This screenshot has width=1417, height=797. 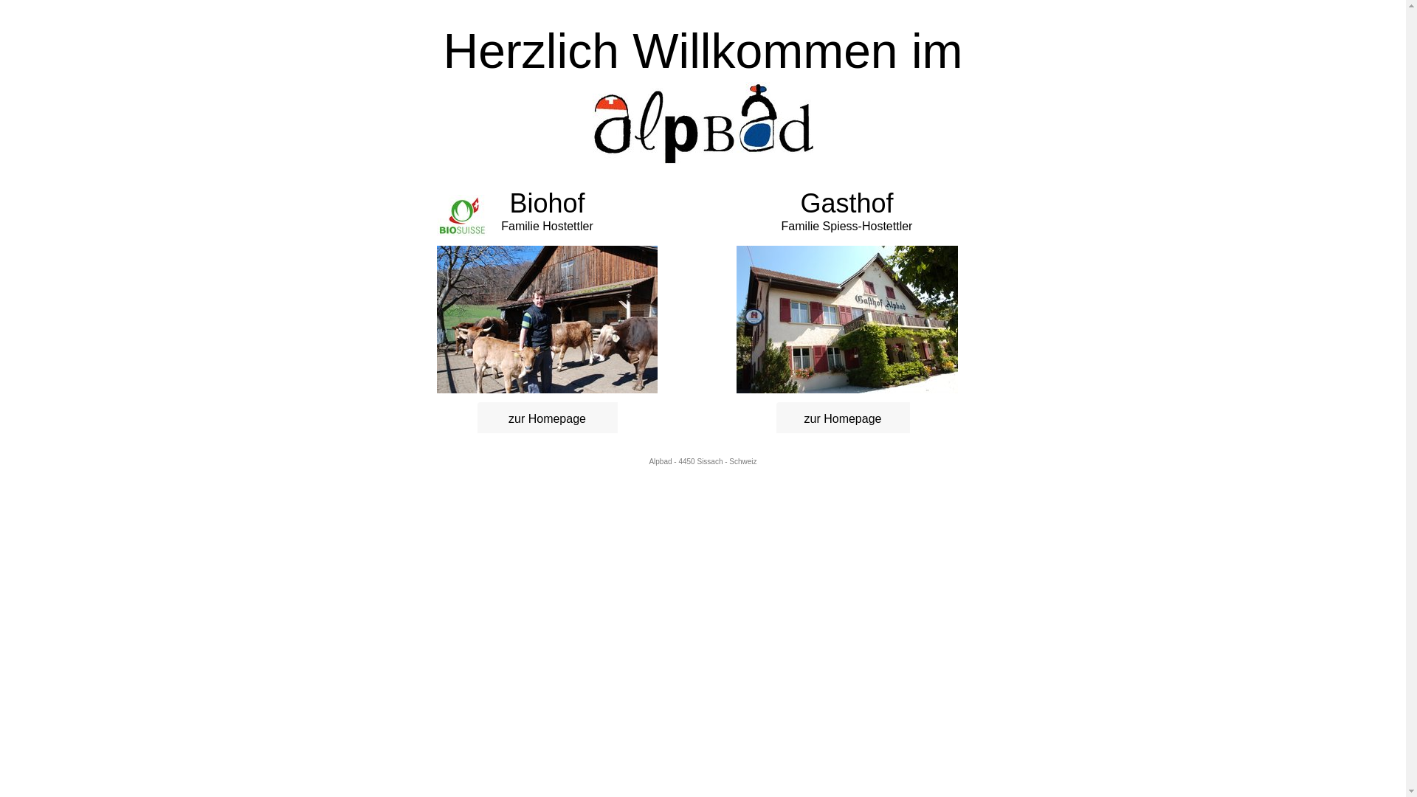 What do you see at coordinates (843, 418) in the screenshot?
I see `'zur Homepage'` at bounding box center [843, 418].